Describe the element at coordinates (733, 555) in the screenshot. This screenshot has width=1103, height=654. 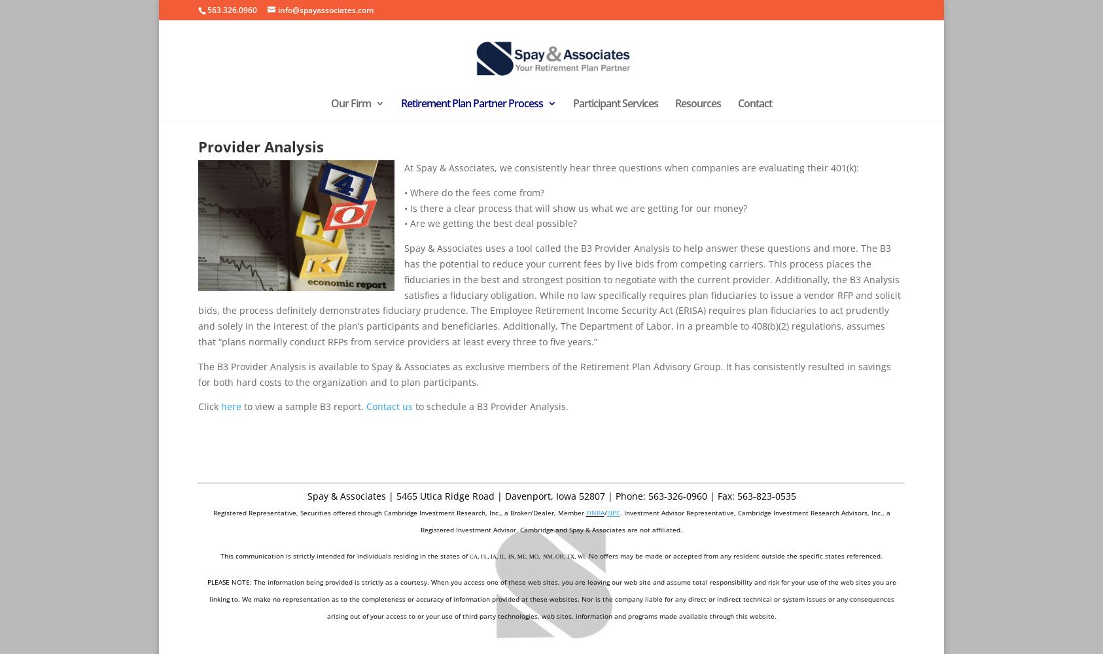
I see `'. No offers may be made or accepted from any resident outside the specific states referenced.'` at that location.